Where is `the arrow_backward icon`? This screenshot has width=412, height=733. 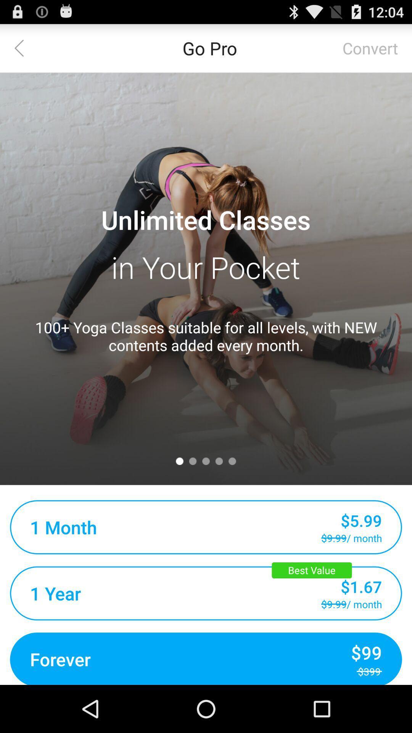
the arrow_backward icon is located at coordinates (23, 51).